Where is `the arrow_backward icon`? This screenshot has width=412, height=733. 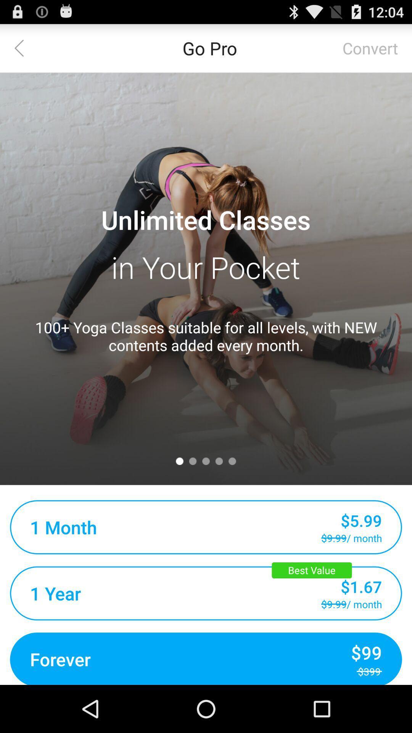
the arrow_backward icon is located at coordinates (23, 51).